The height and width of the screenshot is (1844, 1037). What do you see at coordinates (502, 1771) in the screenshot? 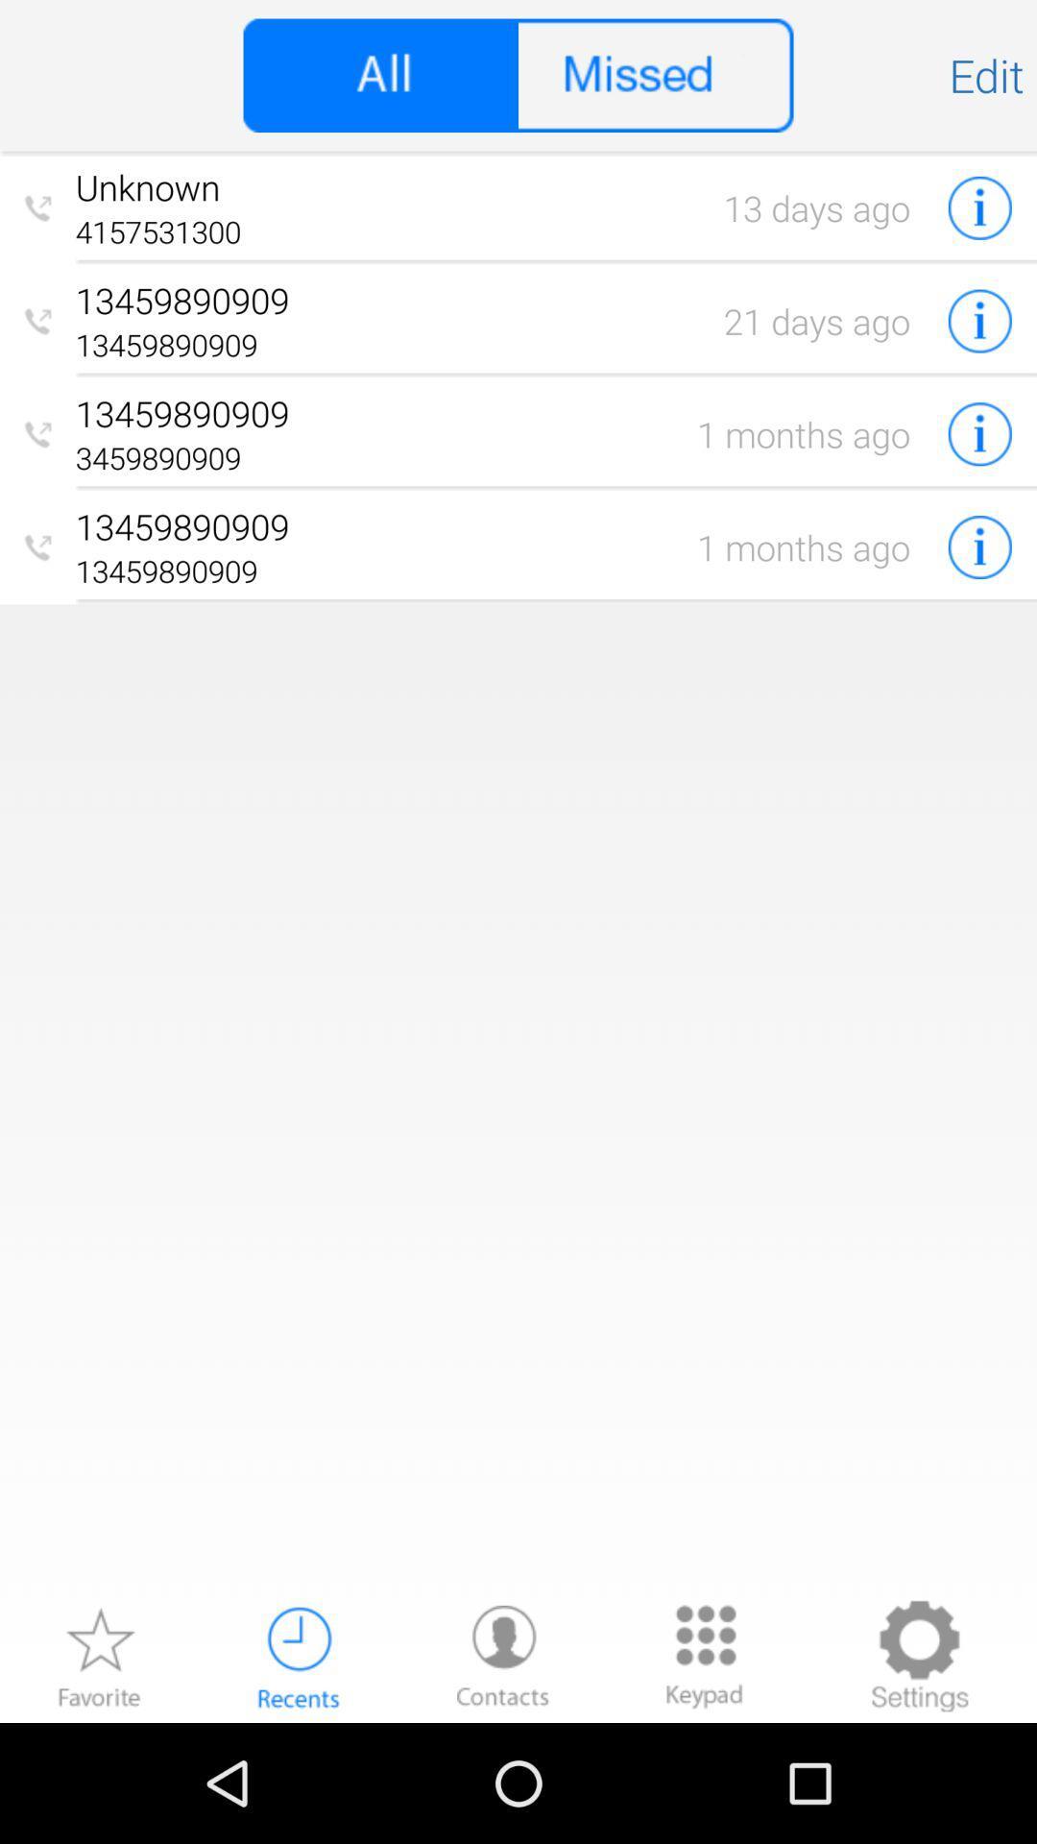
I see `the avatar icon` at bounding box center [502, 1771].